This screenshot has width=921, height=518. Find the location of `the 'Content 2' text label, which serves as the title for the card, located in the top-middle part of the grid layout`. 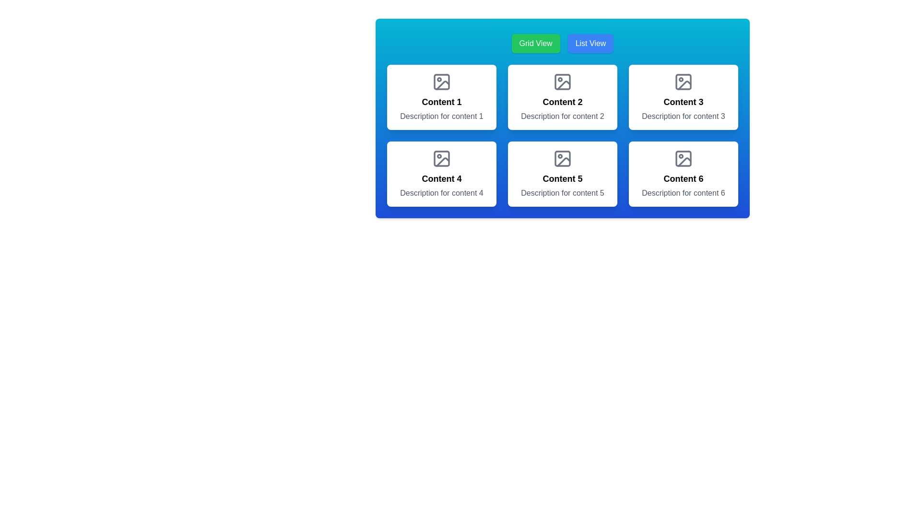

the 'Content 2' text label, which serves as the title for the card, located in the top-middle part of the grid layout is located at coordinates (562, 102).